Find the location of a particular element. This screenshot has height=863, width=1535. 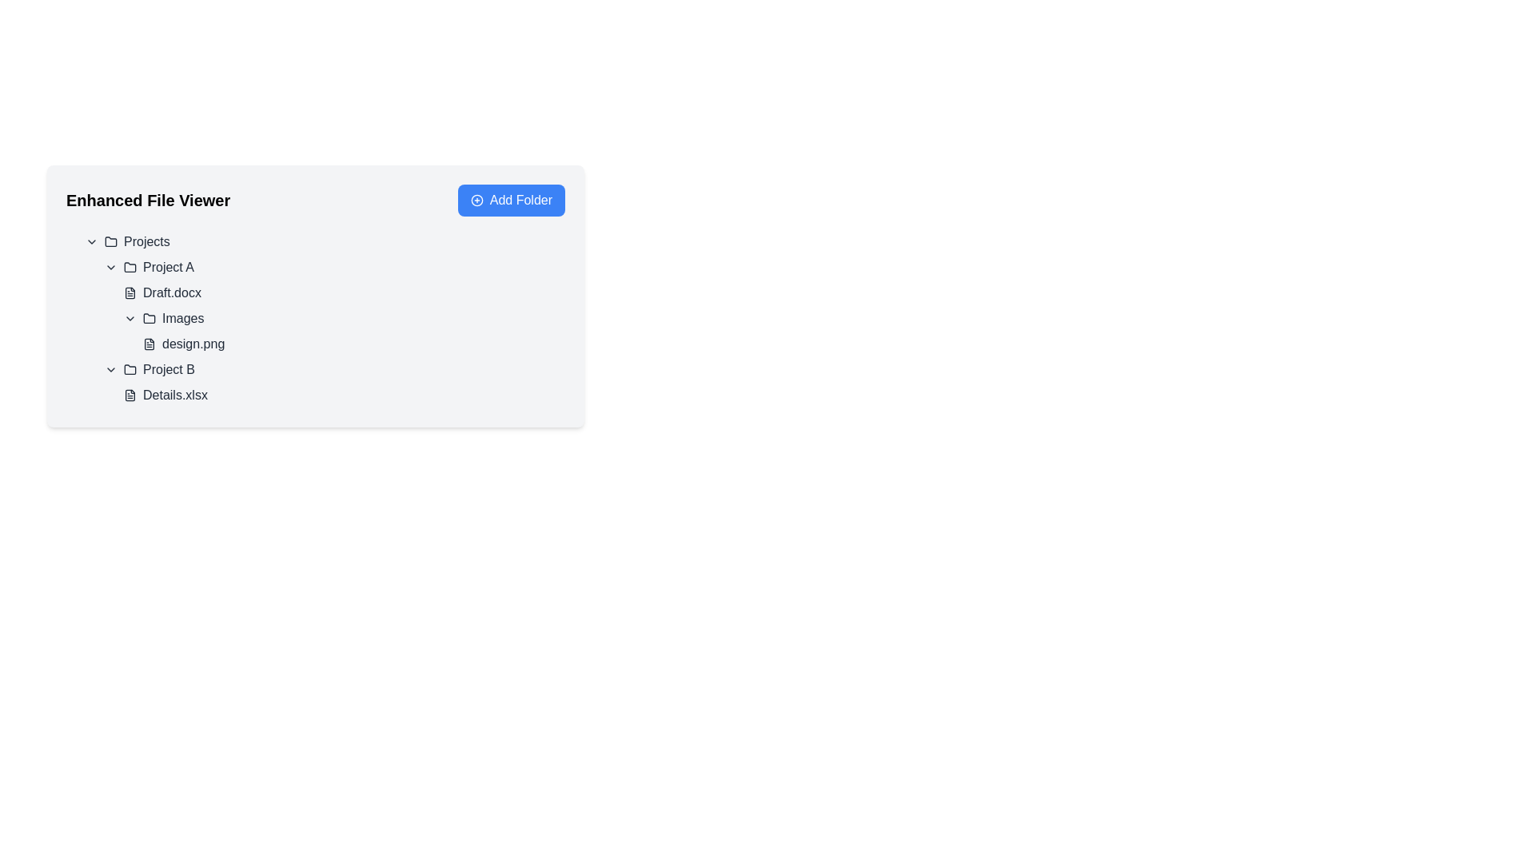

the 'Draft.docx' file entry in the file viewer is located at coordinates (333, 292).